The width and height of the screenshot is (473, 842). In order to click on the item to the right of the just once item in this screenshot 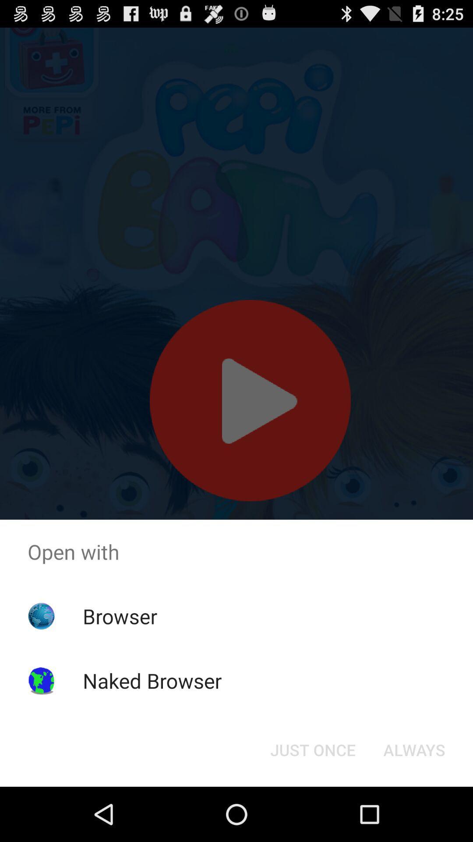, I will do `click(414, 749)`.